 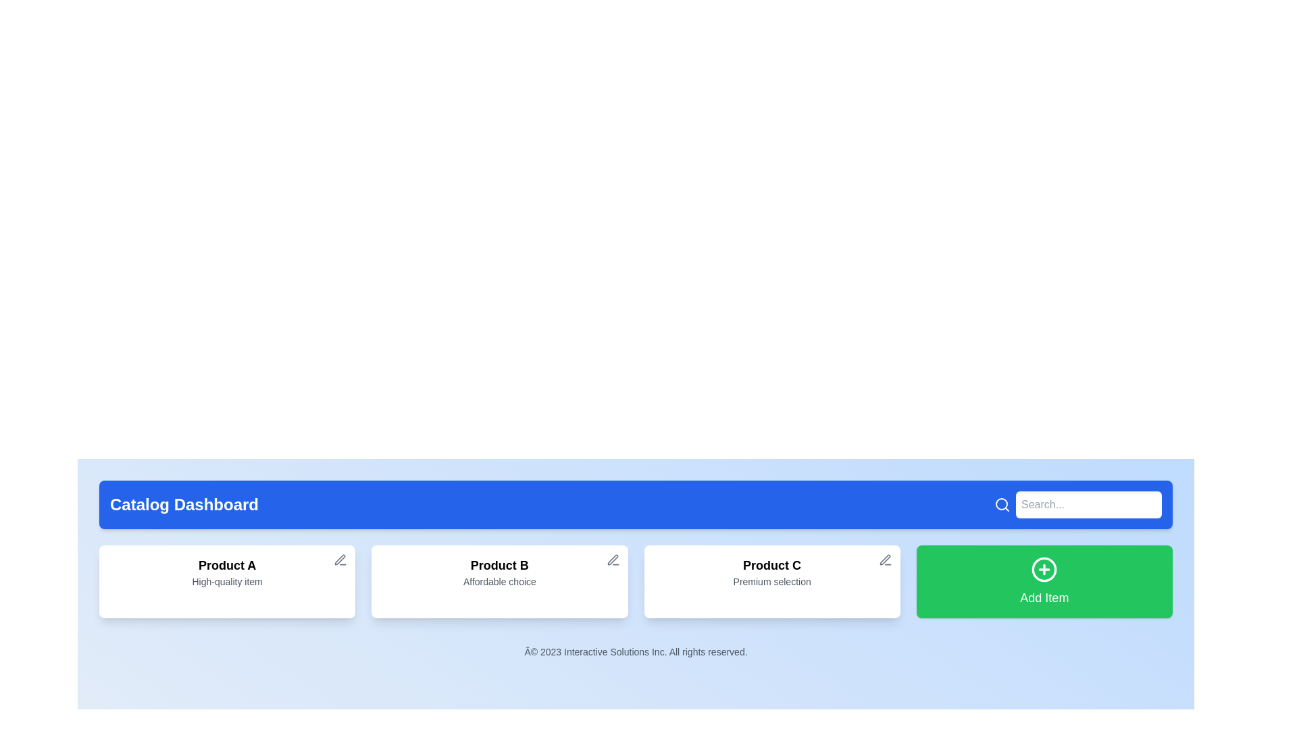 What do you see at coordinates (499, 565) in the screenshot?
I see `Label element displaying 'Product B' in bold font, located at the center of the card labeled 'Product B Affordable choice'` at bounding box center [499, 565].